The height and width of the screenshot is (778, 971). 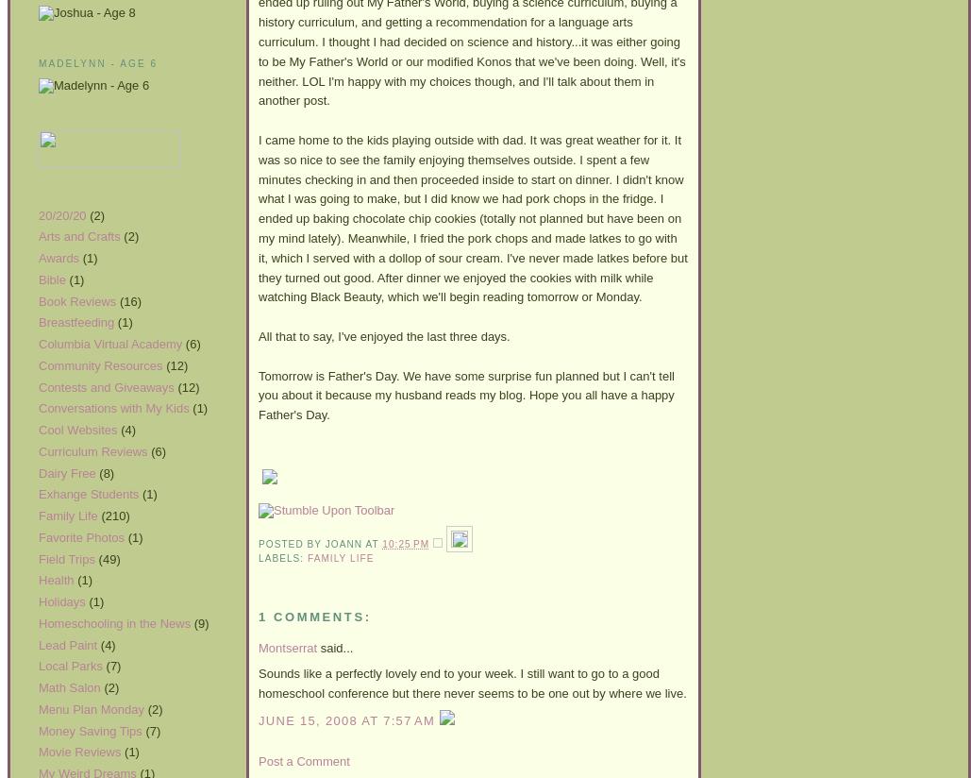 What do you see at coordinates (348, 719) in the screenshot?
I see `'June 15, 2008 at 7:57 AM'` at bounding box center [348, 719].